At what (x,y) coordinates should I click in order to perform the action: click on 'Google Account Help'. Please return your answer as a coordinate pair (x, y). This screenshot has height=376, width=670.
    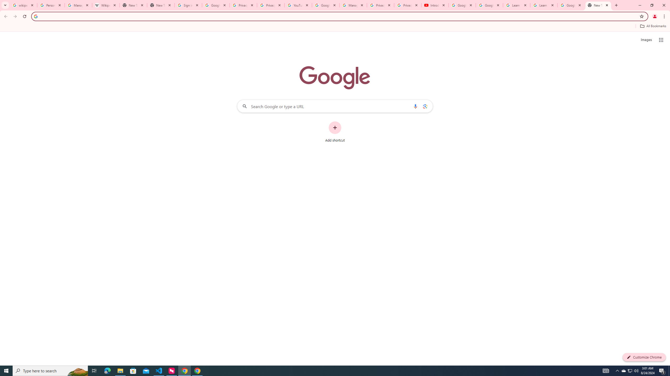
    Looking at the image, I should click on (462, 5).